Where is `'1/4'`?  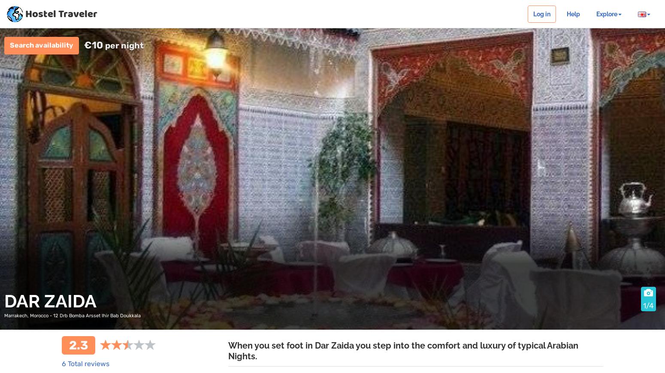 '1/4' is located at coordinates (643, 305).